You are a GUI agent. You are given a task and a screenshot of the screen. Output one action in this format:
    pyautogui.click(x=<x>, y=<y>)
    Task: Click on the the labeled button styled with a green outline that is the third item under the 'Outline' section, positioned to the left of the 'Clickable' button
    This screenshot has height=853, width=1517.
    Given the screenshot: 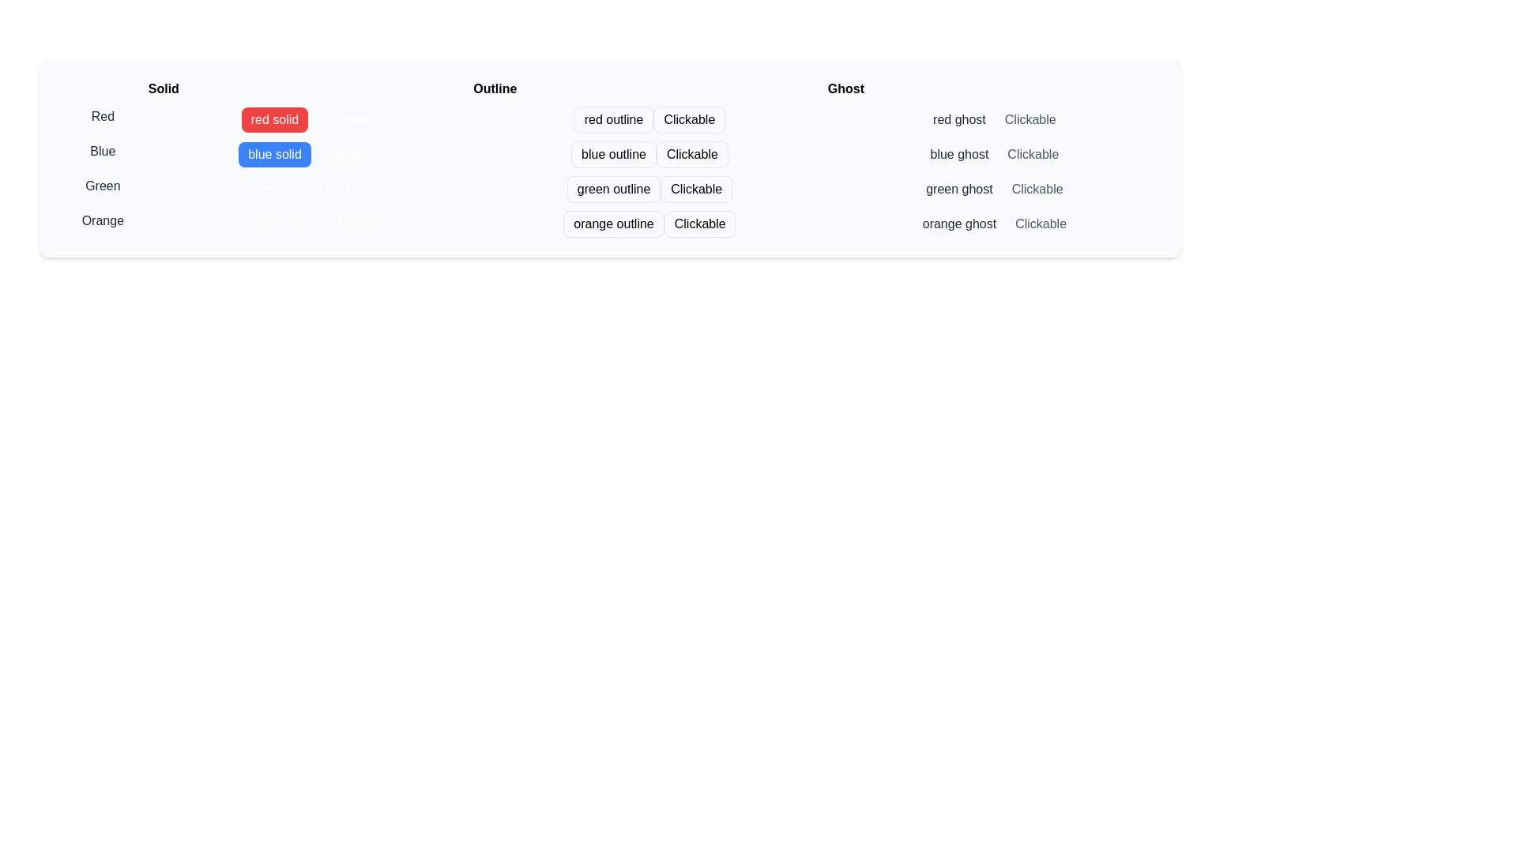 What is the action you would take?
    pyautogui.click(x=613, y=188)
    